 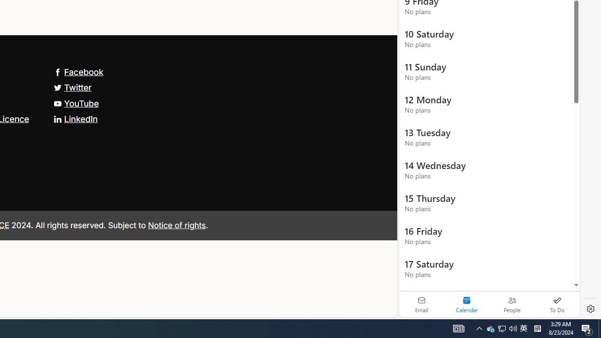 I want to click on 'People', so click(x=511, y=304).